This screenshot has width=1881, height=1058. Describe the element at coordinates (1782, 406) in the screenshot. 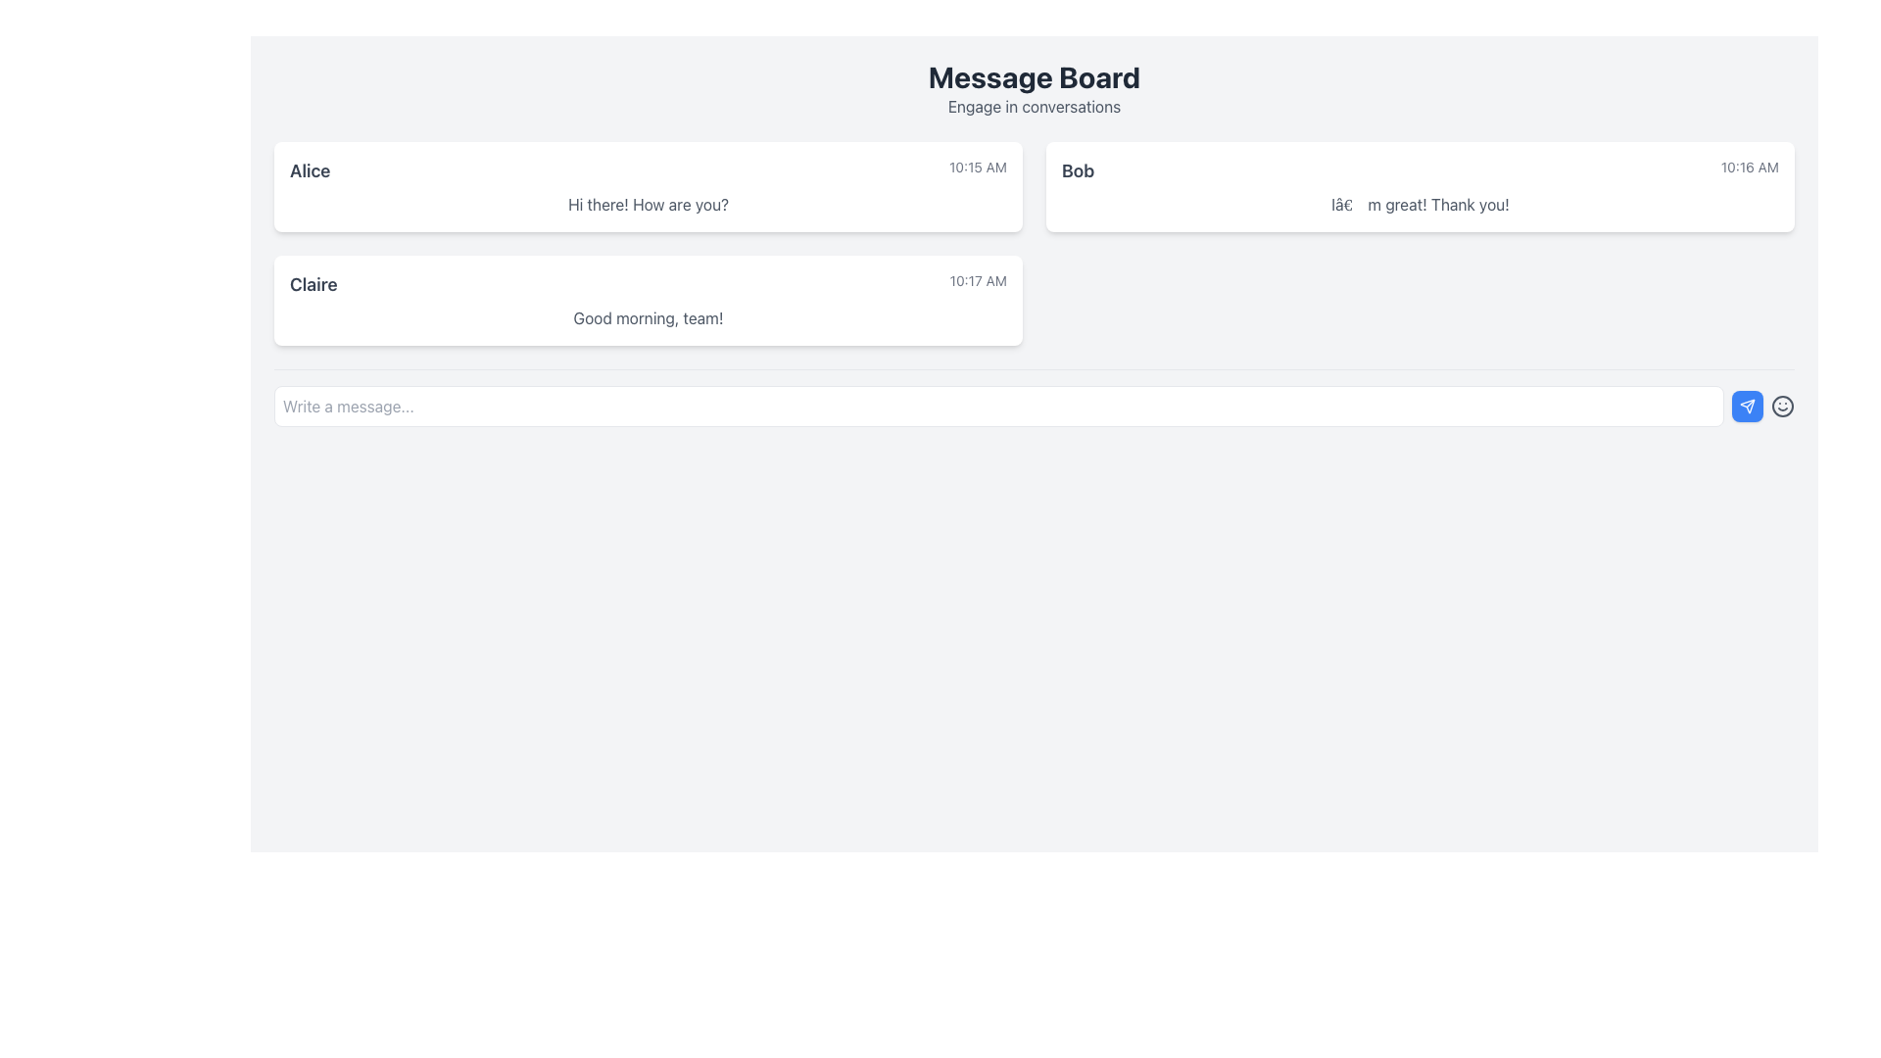

I see `the smiling face icon button, which is the third element in the horizontal arrangement of the input area, located at the far right of the text input box and send button` at that location.